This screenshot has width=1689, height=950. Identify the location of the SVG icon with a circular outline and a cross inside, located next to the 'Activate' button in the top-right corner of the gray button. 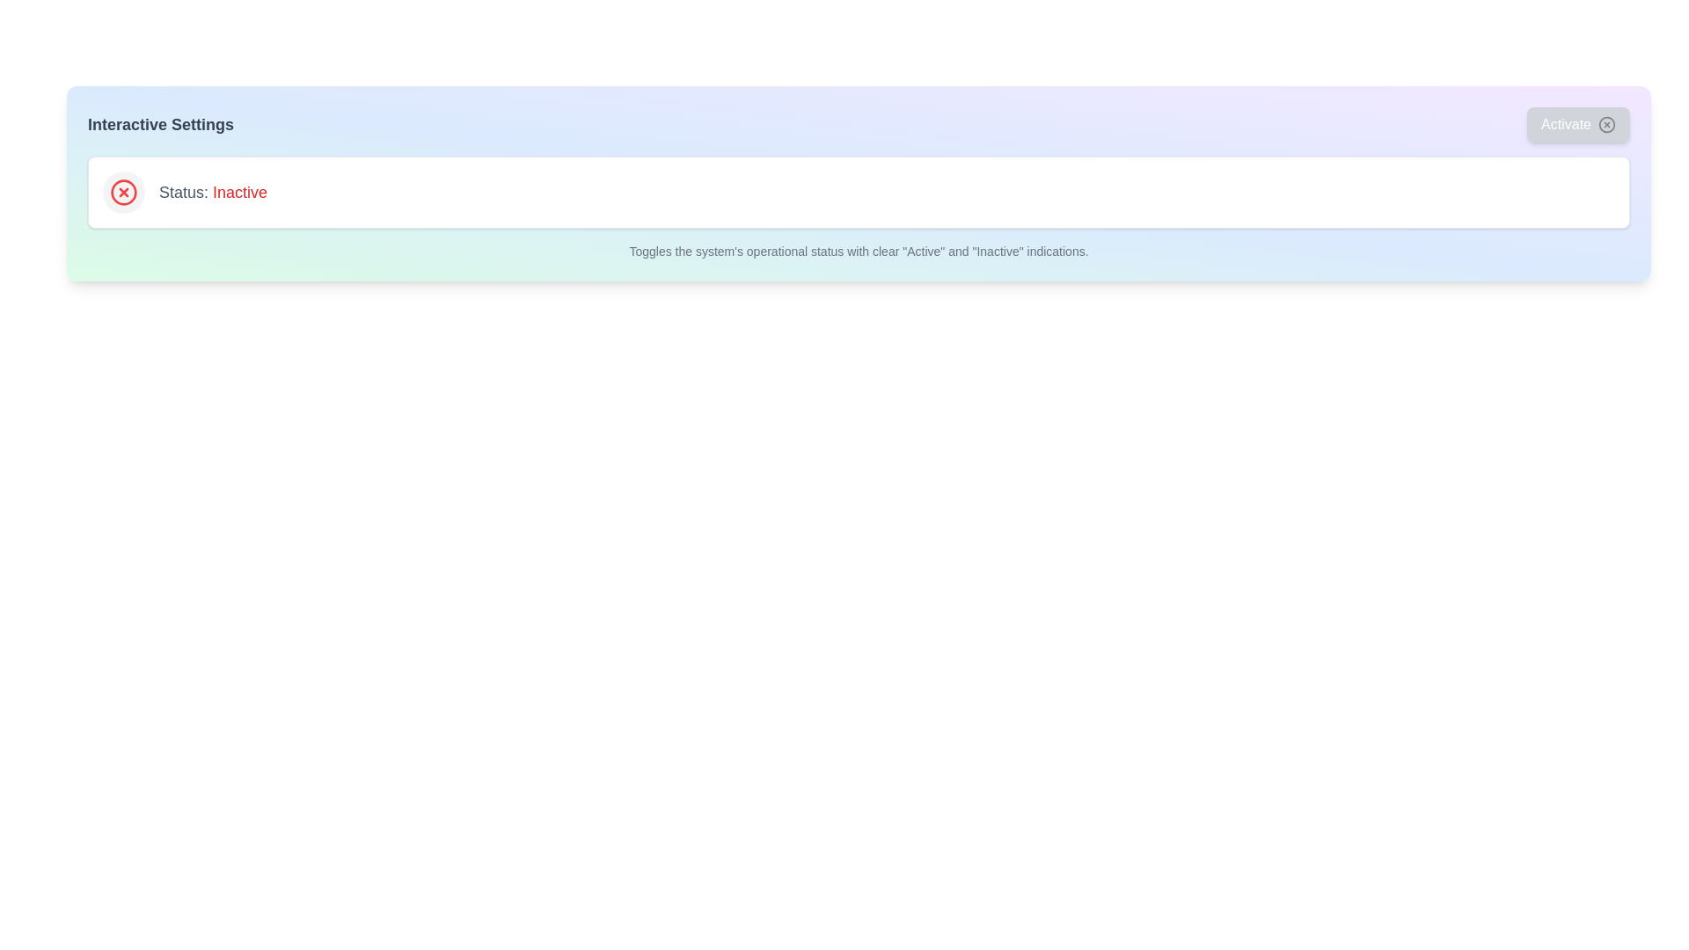
(1607, 124).